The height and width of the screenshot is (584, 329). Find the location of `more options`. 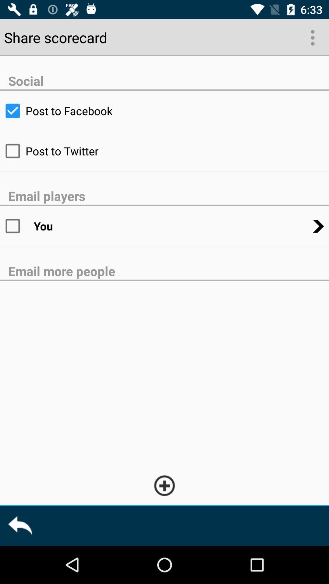

more options is located at coordinates (312, 37).